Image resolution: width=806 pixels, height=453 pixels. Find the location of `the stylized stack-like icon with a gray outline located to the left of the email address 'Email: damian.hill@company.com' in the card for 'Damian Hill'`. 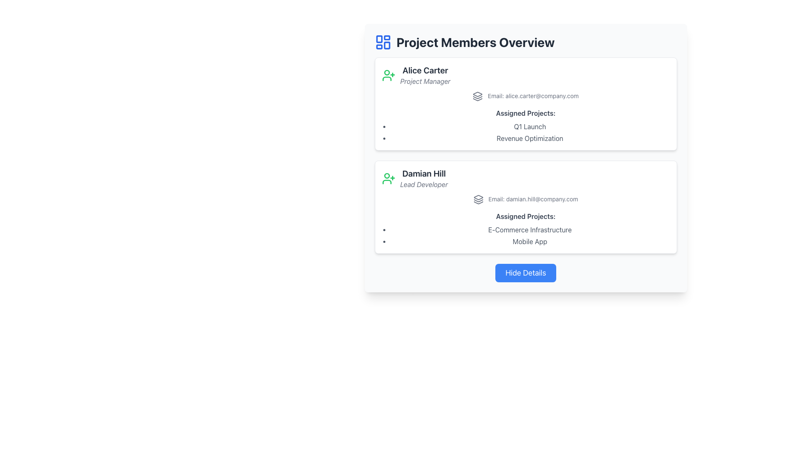

the stylized stack-like icon with a gray outline located to the left of the email address 'Email: damian.hill@company.com' in the card for 'Damian Hill' is located at coordinates (478, 199).